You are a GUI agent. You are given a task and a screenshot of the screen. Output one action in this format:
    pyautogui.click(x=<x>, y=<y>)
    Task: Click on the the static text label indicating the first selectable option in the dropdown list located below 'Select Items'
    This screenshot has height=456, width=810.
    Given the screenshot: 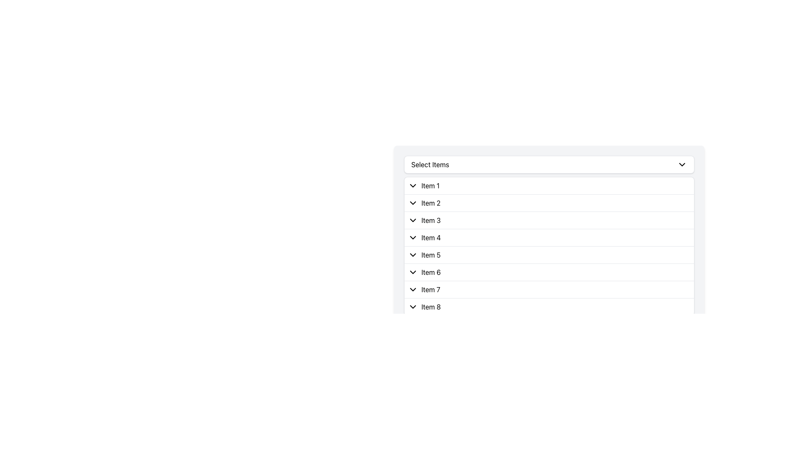 What is the action you would take?
    pyautogui.click(x=430, y=185)
    